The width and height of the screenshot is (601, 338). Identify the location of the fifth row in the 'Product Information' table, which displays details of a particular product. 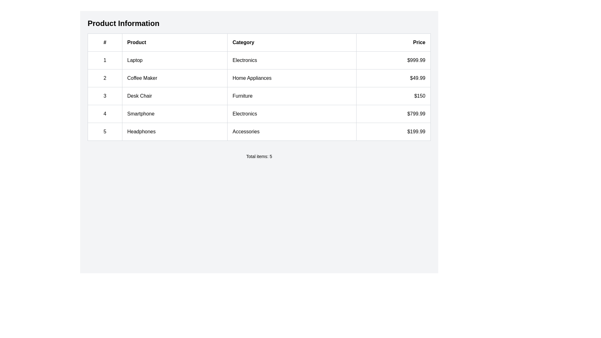
(259, 131).